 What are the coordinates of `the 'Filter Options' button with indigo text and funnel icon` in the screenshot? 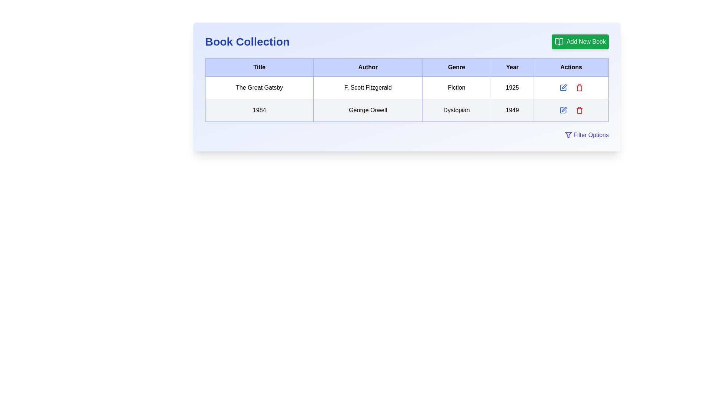 It's located at (586, 135).